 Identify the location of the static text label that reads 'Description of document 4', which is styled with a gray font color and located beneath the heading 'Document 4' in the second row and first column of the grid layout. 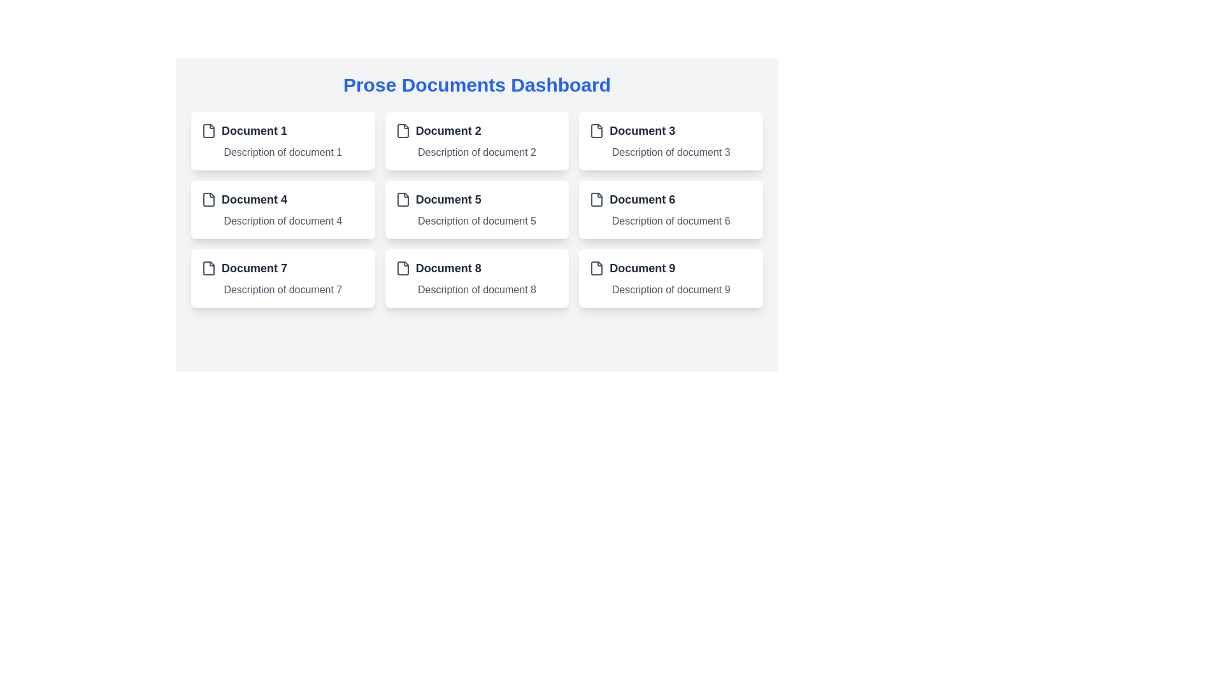
(282, 220).